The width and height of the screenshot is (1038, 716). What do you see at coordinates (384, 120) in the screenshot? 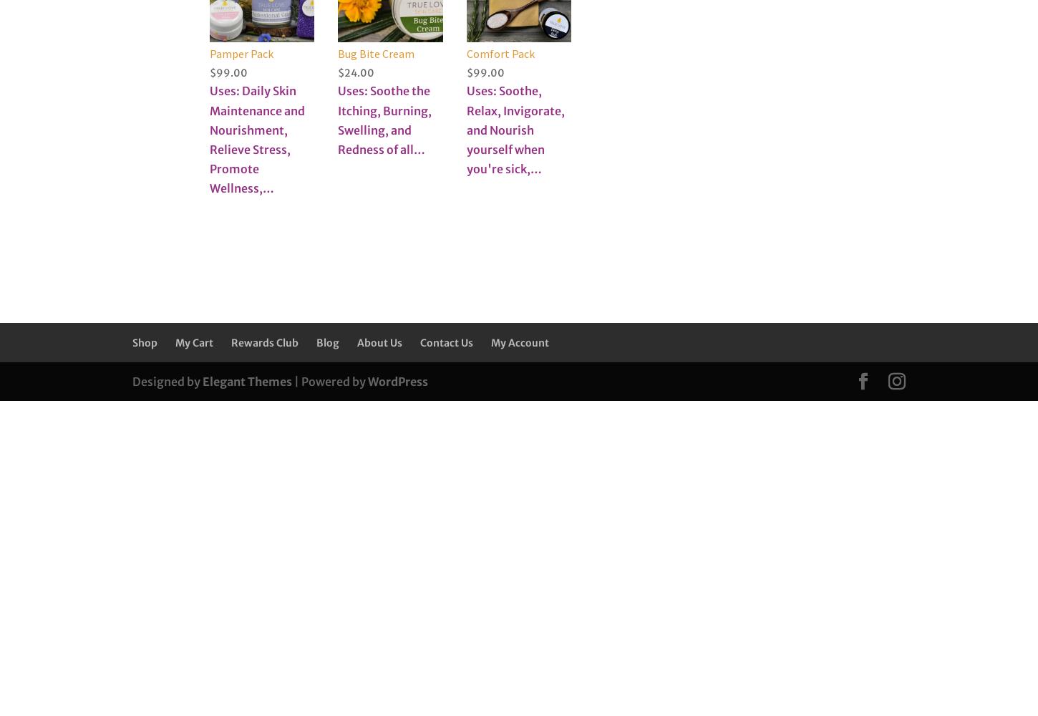
I see `'Uses: Soothe the Itching, Burning, Swelling, and Redness of all…'` at bounding box center [384, 120].